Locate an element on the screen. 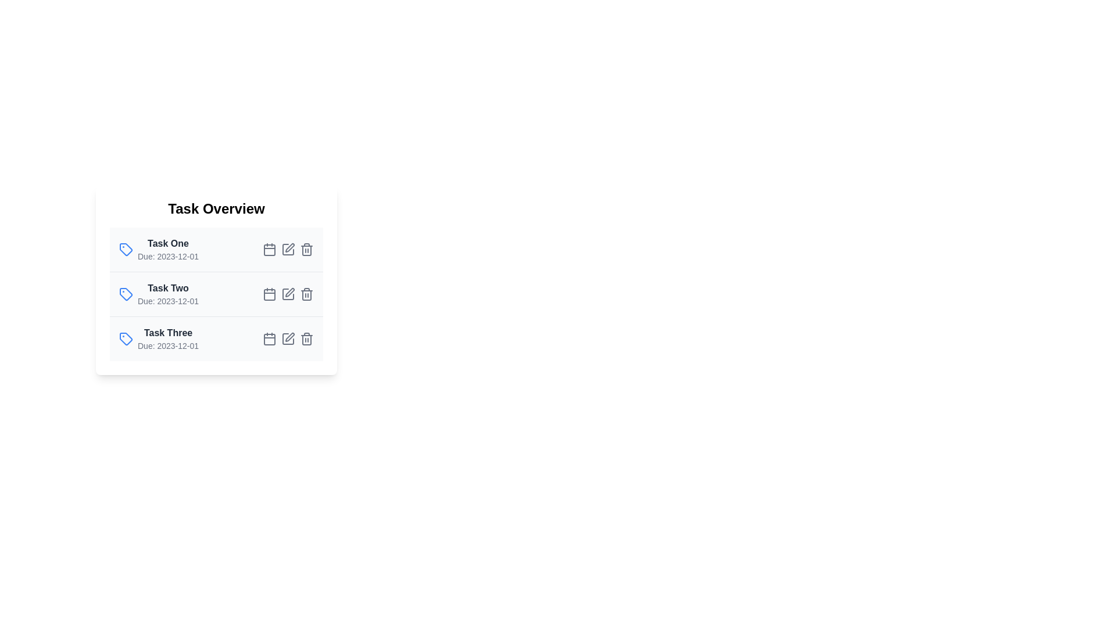 The width and height of the screenshot is (1116, 627). the Inline Edit Button (SVG) next to 'Task Two' is located at coordinates (290, 292).